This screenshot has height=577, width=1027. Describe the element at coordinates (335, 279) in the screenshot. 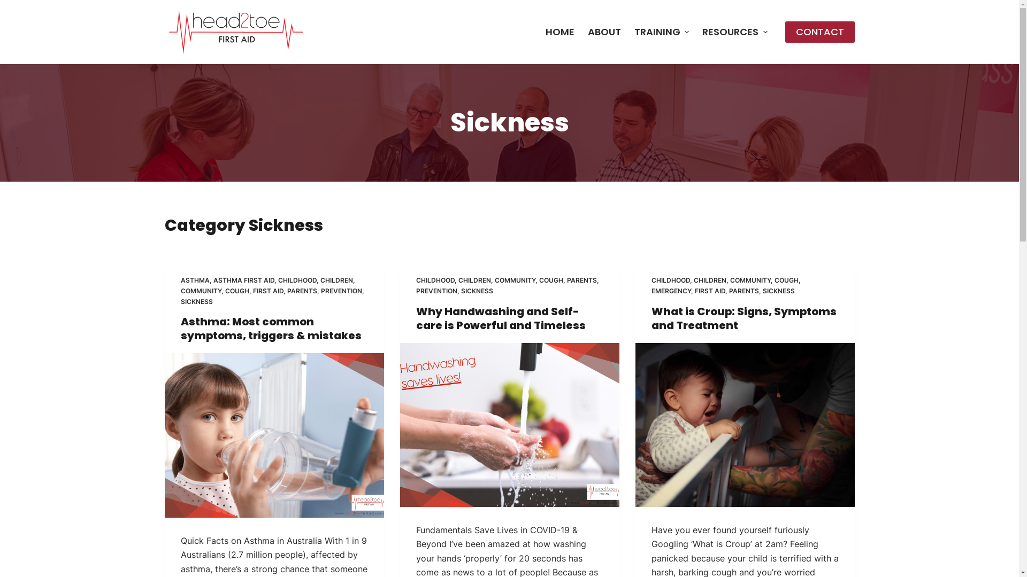

I see `'CHILDREN'` at that location.